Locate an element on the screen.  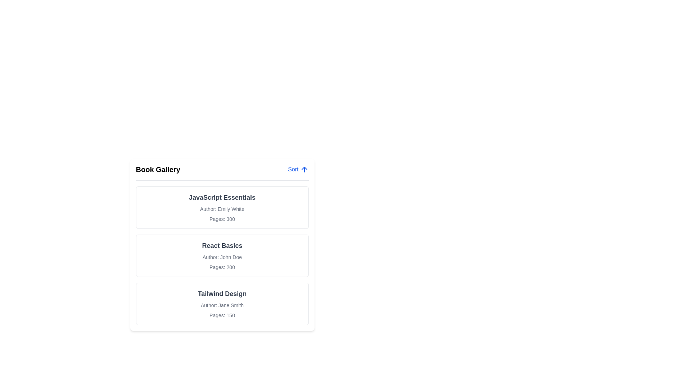
text content of the author's name label located within the 'Tailwind Design' card, positioned beneath the title and above the page count is located at coordinates (222, 305).